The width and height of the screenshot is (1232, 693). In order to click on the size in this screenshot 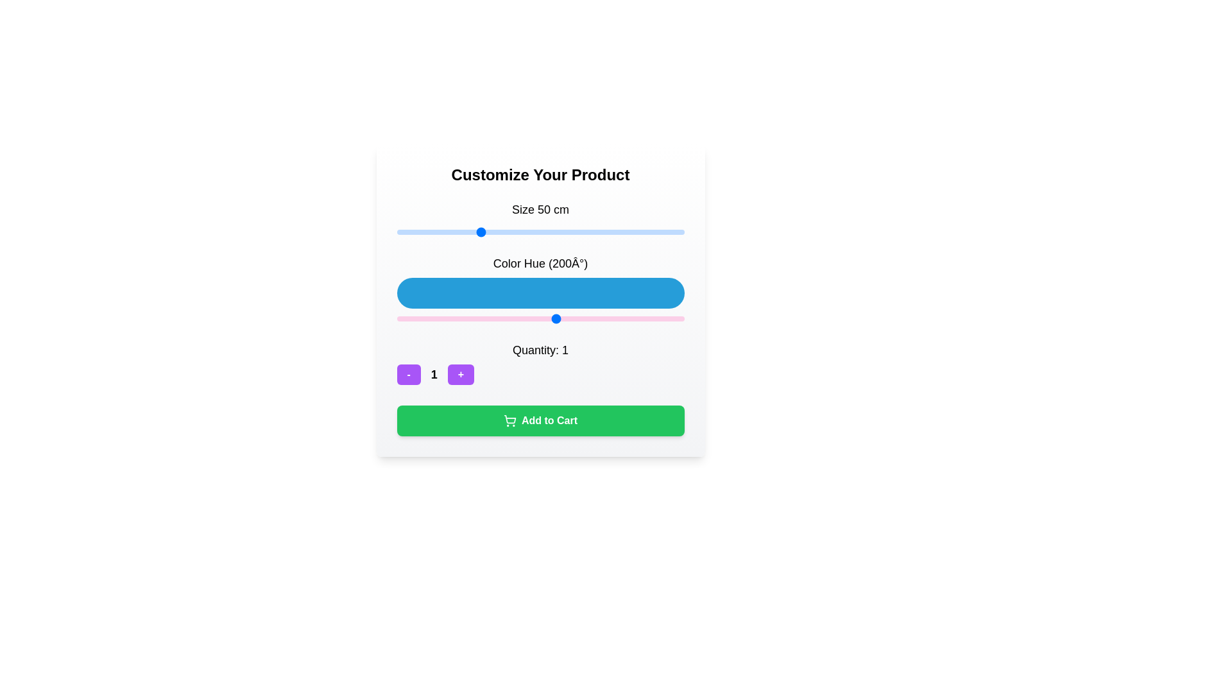, I will do `click(499, 232)`.